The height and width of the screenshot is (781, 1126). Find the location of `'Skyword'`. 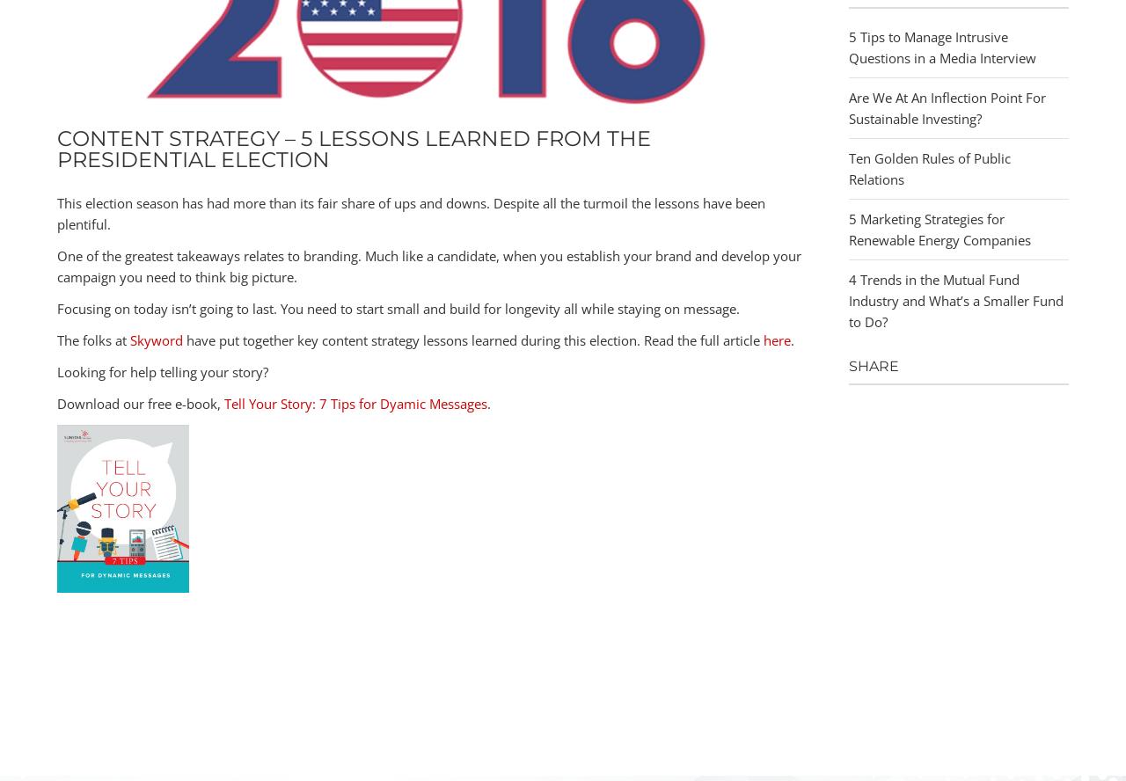

'Skyword' is located at coordinates (157, 339).